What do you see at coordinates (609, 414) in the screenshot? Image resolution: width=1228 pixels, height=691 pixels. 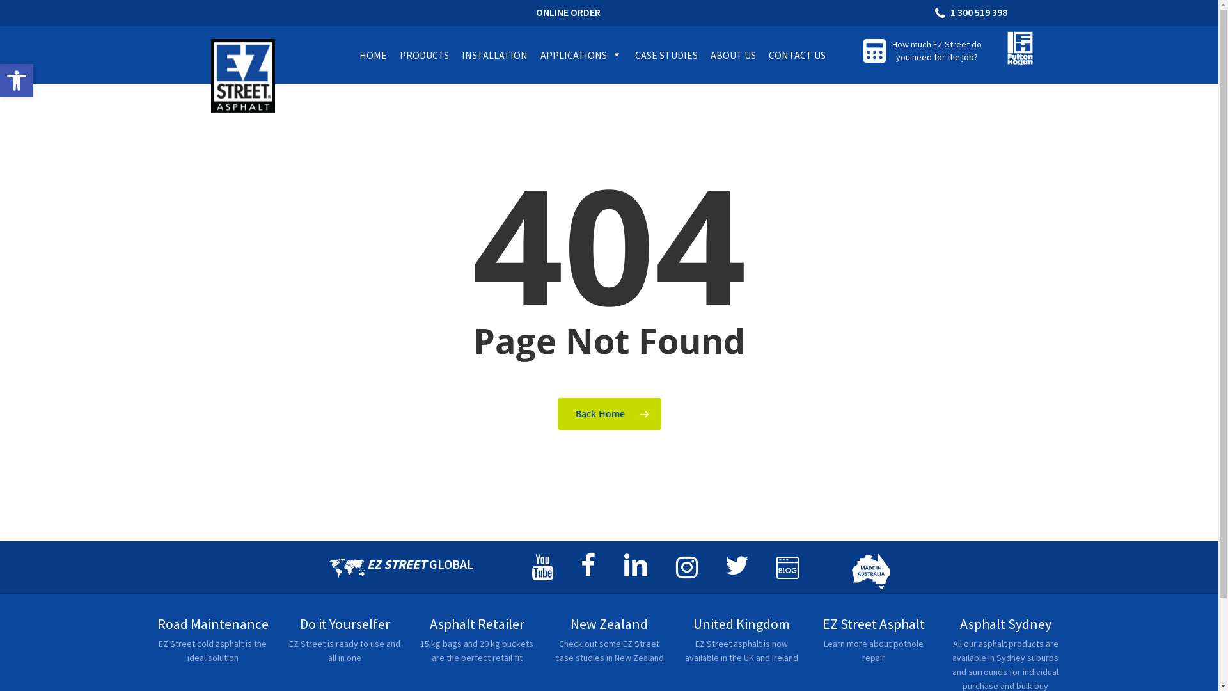 I see `'Back Home'` at bounding box center [609, 414].